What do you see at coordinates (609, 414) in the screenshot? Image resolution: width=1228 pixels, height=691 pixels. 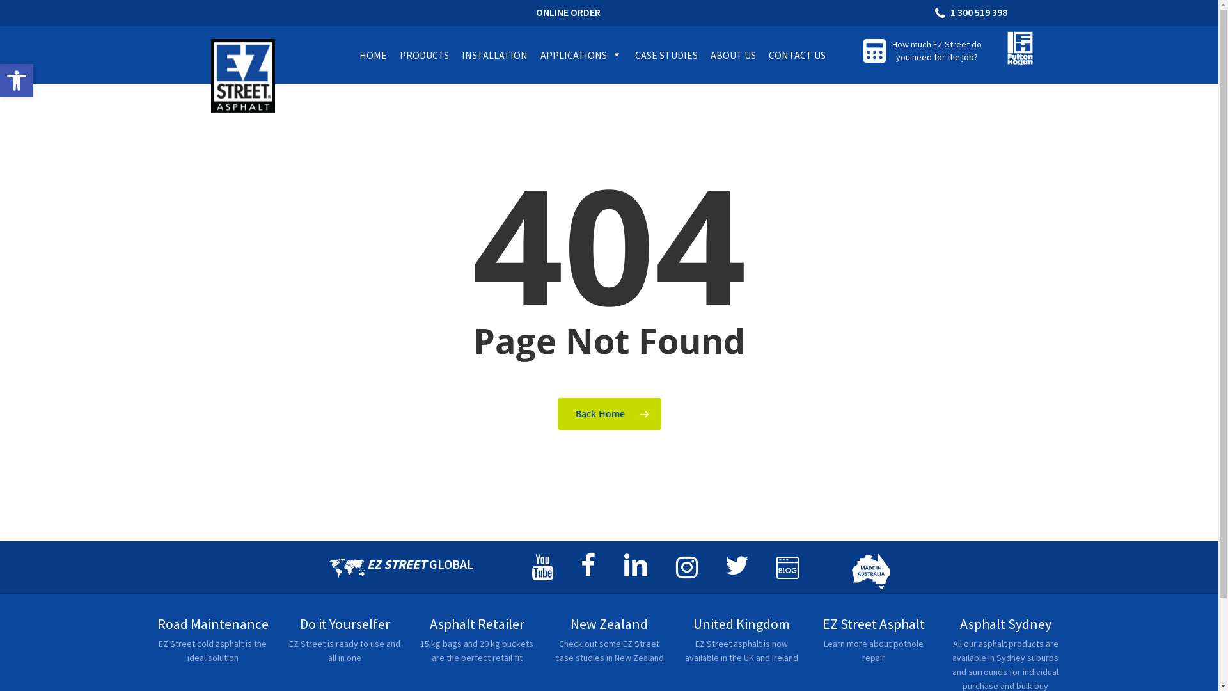 I see `'Back Home'` at bounding box center [609, 414].